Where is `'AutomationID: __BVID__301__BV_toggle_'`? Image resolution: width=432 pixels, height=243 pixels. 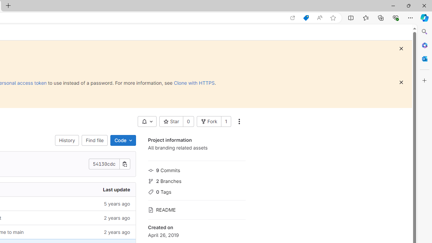 'AutomationID: __BVID__301__BV_toggle_' is located at coordinates (146, 122).